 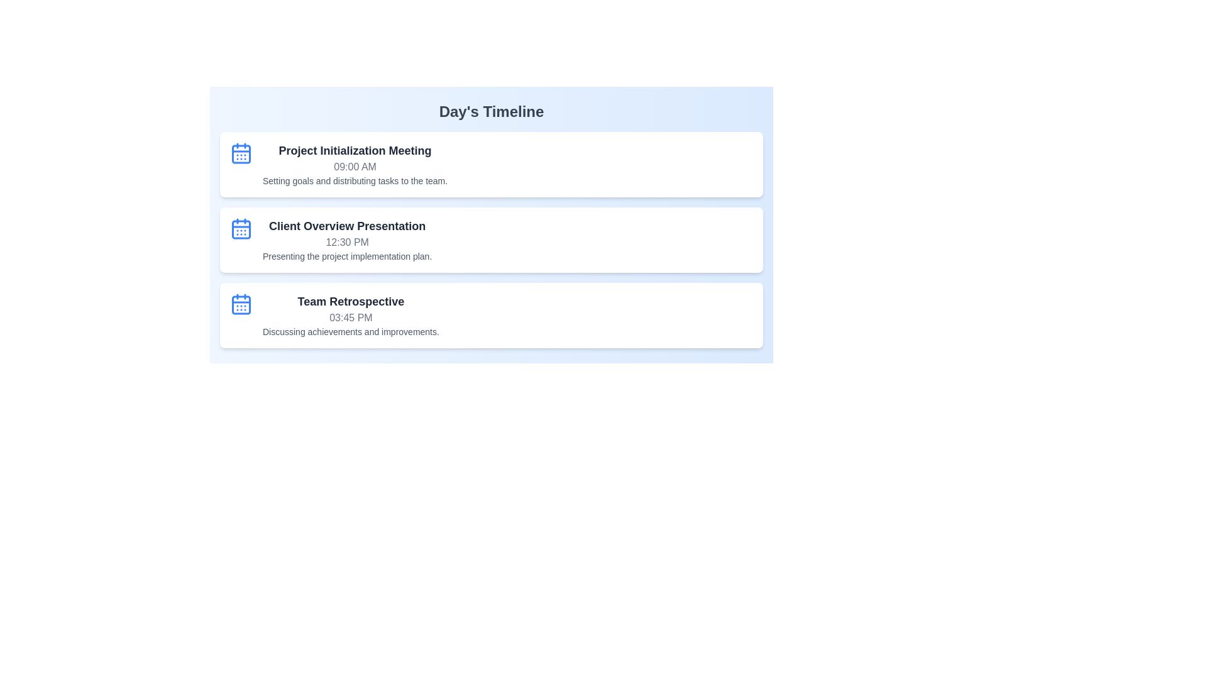 What do you see at coordinates (347, 225) in the screenshot?
I see `the heading text label displaying 'Client Overview Presentation', which is styled in bold dark gray and is the second event heading in the timeline` at bounding box center [347, 225].